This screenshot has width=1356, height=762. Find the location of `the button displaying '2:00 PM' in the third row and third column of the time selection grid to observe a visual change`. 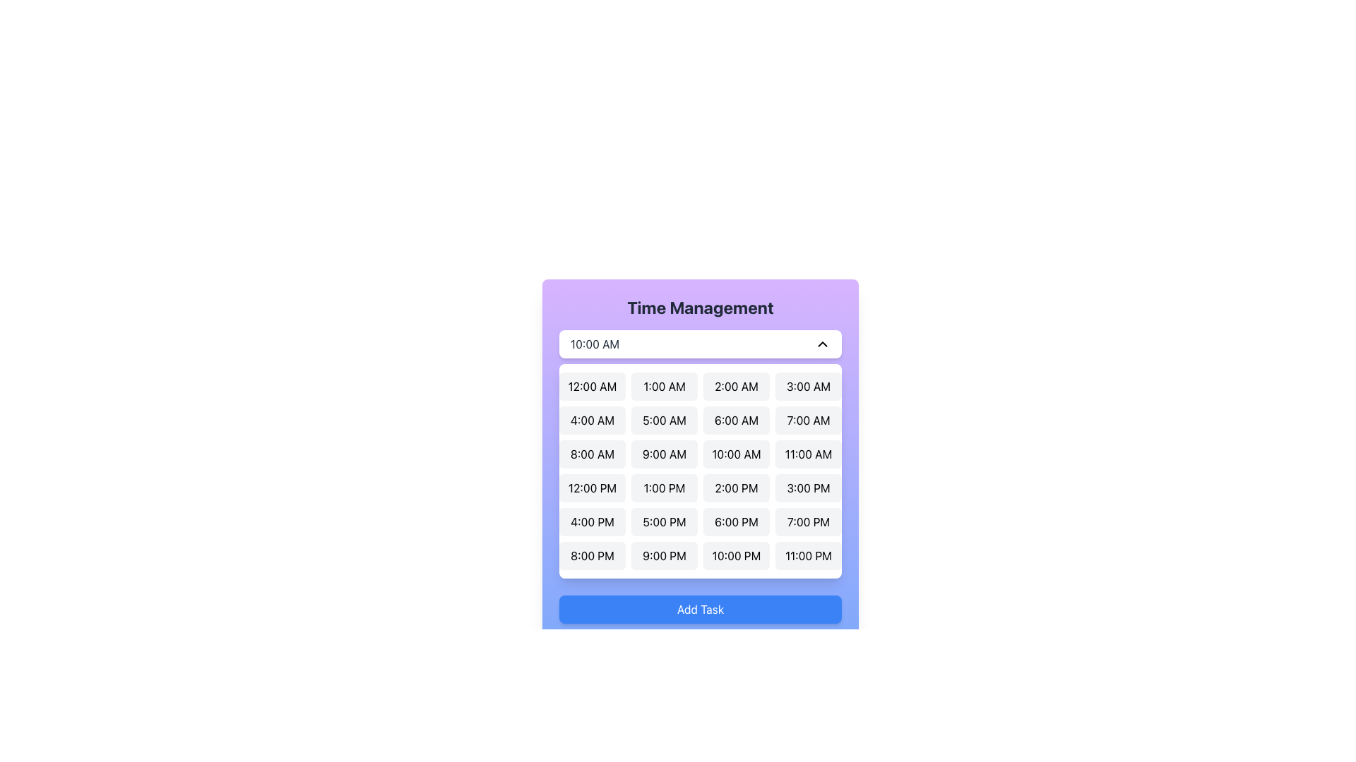

the button displaying '2:00 PM' in the third row and third column of the time selection grid to observe a visual change is located at coordinates (735, 487).